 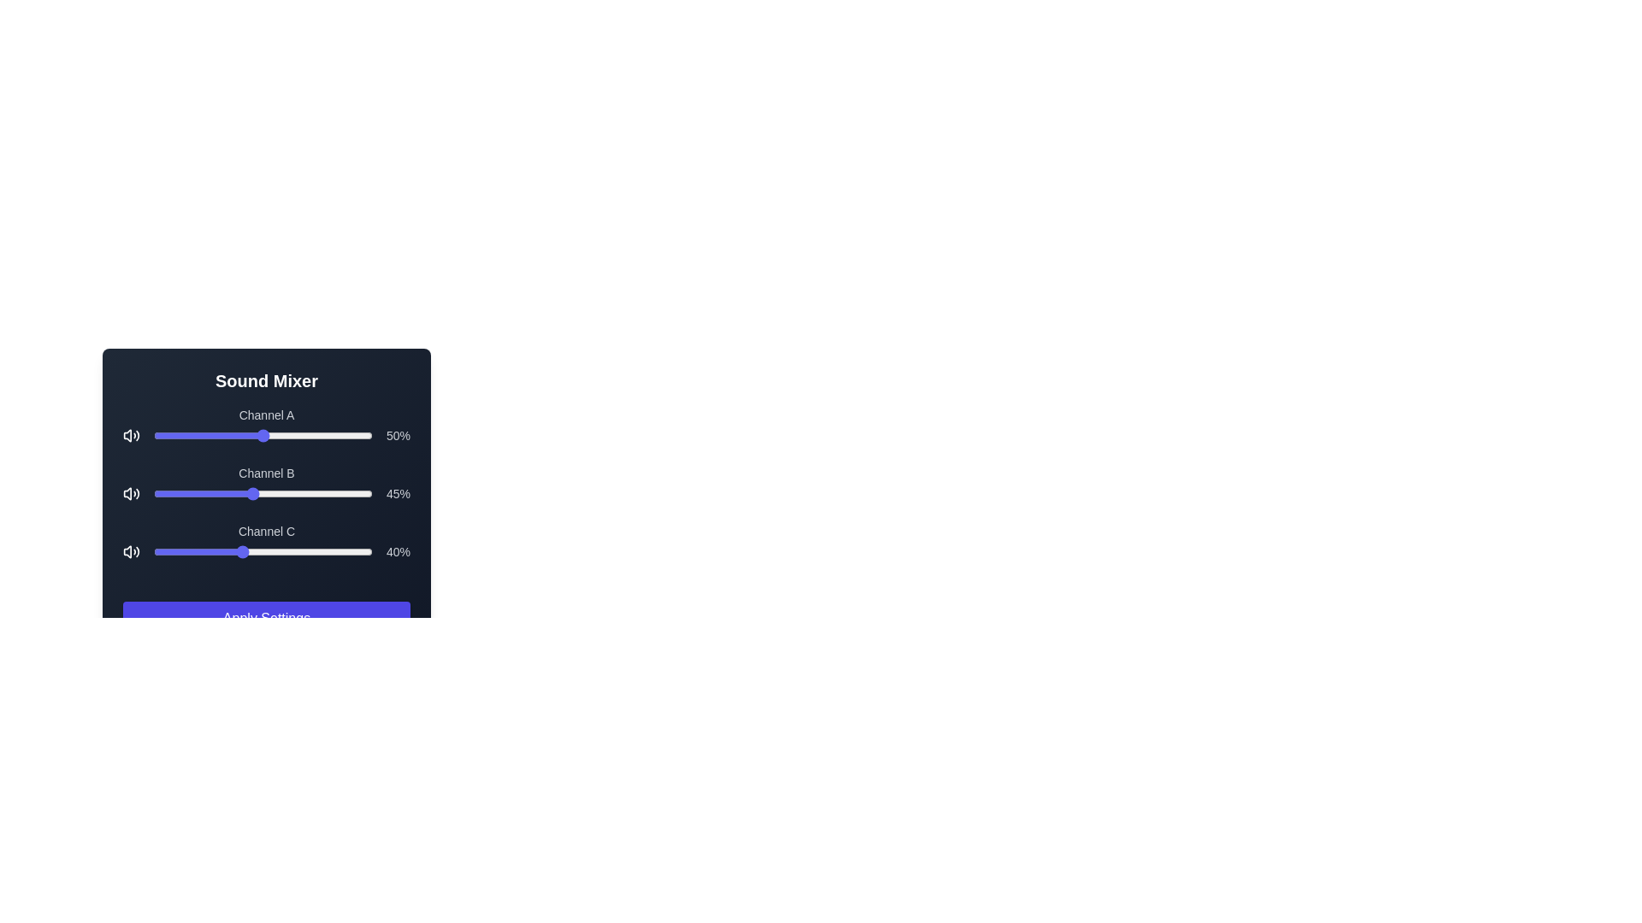 I want to click on the Static Label that serves as the title for the sound mixer configuration interface, located at the top of the panel above the 'Channel A' label and sliders, so click(x=266, y=380).